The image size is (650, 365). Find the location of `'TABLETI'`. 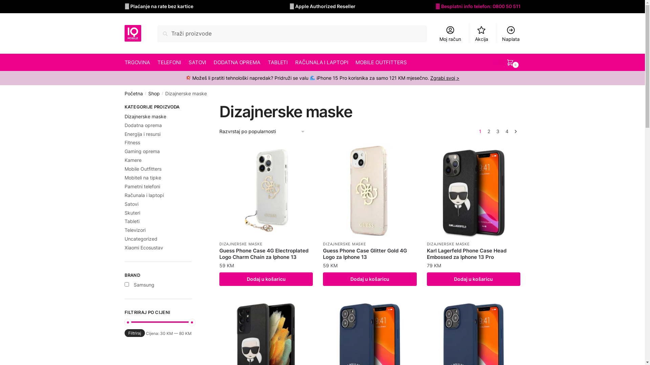

'TABLETI' is located at coordinates (278, 63).